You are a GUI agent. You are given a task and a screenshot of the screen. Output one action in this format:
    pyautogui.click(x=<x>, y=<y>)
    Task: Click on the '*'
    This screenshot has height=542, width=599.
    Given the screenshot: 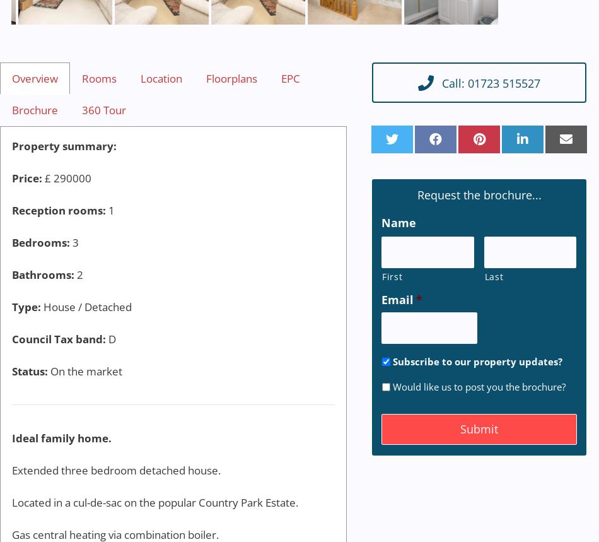 What is the action you would take?
    pyautogui.click(x=419, y=298)
    